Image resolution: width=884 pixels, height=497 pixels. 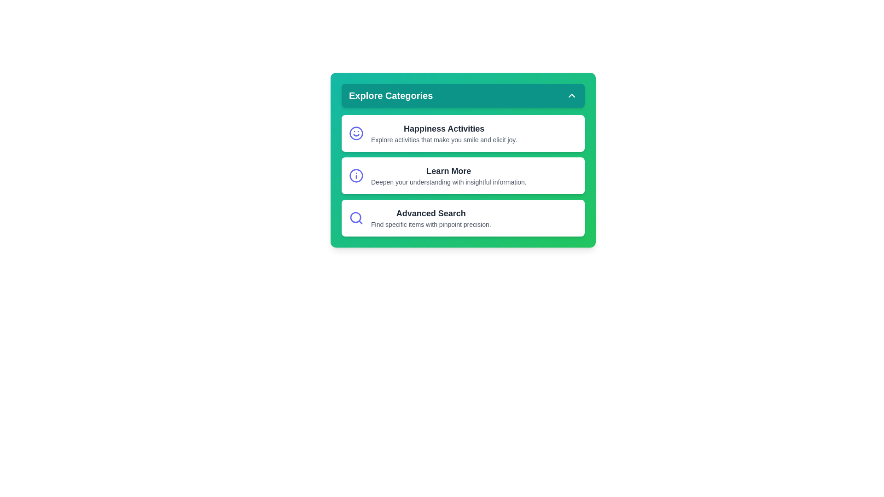 What do you see at coordinates (463, 218) in the screenshot?
I see `the text of Advanced Search to analyze or copy it` at bounding box center [463, 218].